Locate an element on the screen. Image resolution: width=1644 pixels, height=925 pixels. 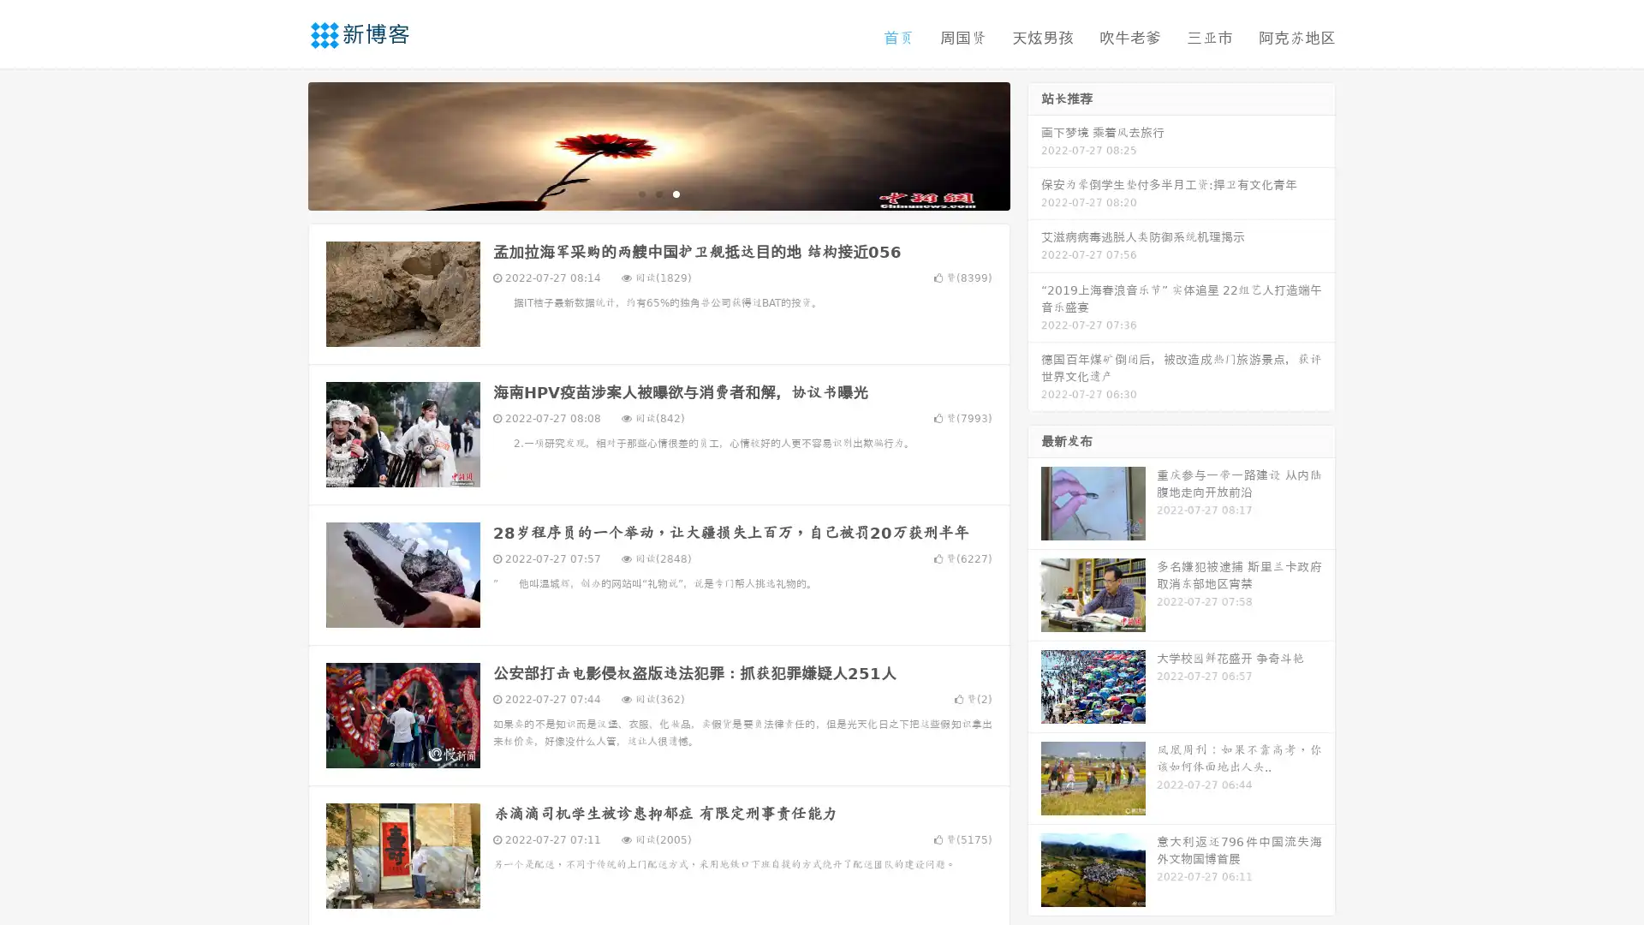
Go to slide 2 is located at coordinates (658, 193).